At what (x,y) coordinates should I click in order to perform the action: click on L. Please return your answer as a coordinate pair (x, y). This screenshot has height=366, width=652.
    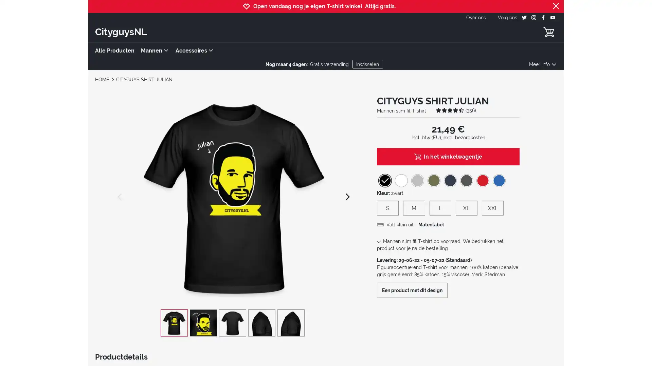
    Looking at the image, I should click on (440, 207).